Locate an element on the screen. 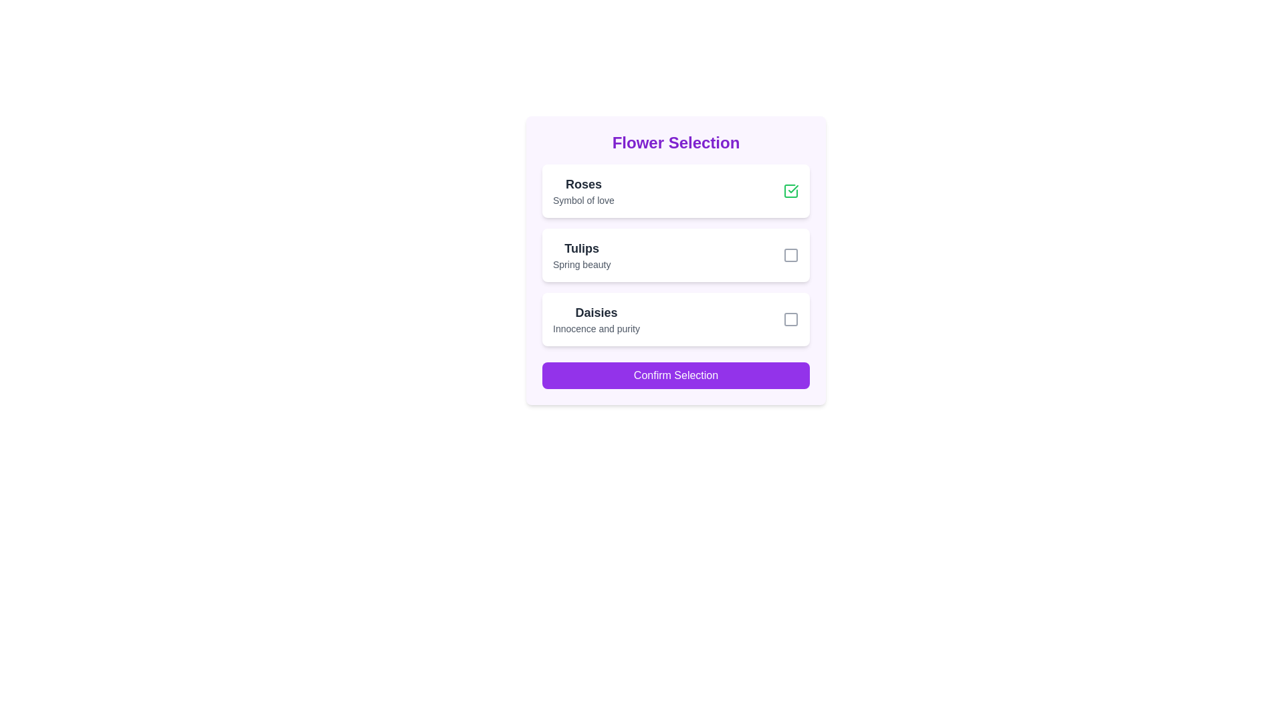  the unchecked checkbox next to the 'Daisies' label to modify its state is located at coordinates (790, 320).